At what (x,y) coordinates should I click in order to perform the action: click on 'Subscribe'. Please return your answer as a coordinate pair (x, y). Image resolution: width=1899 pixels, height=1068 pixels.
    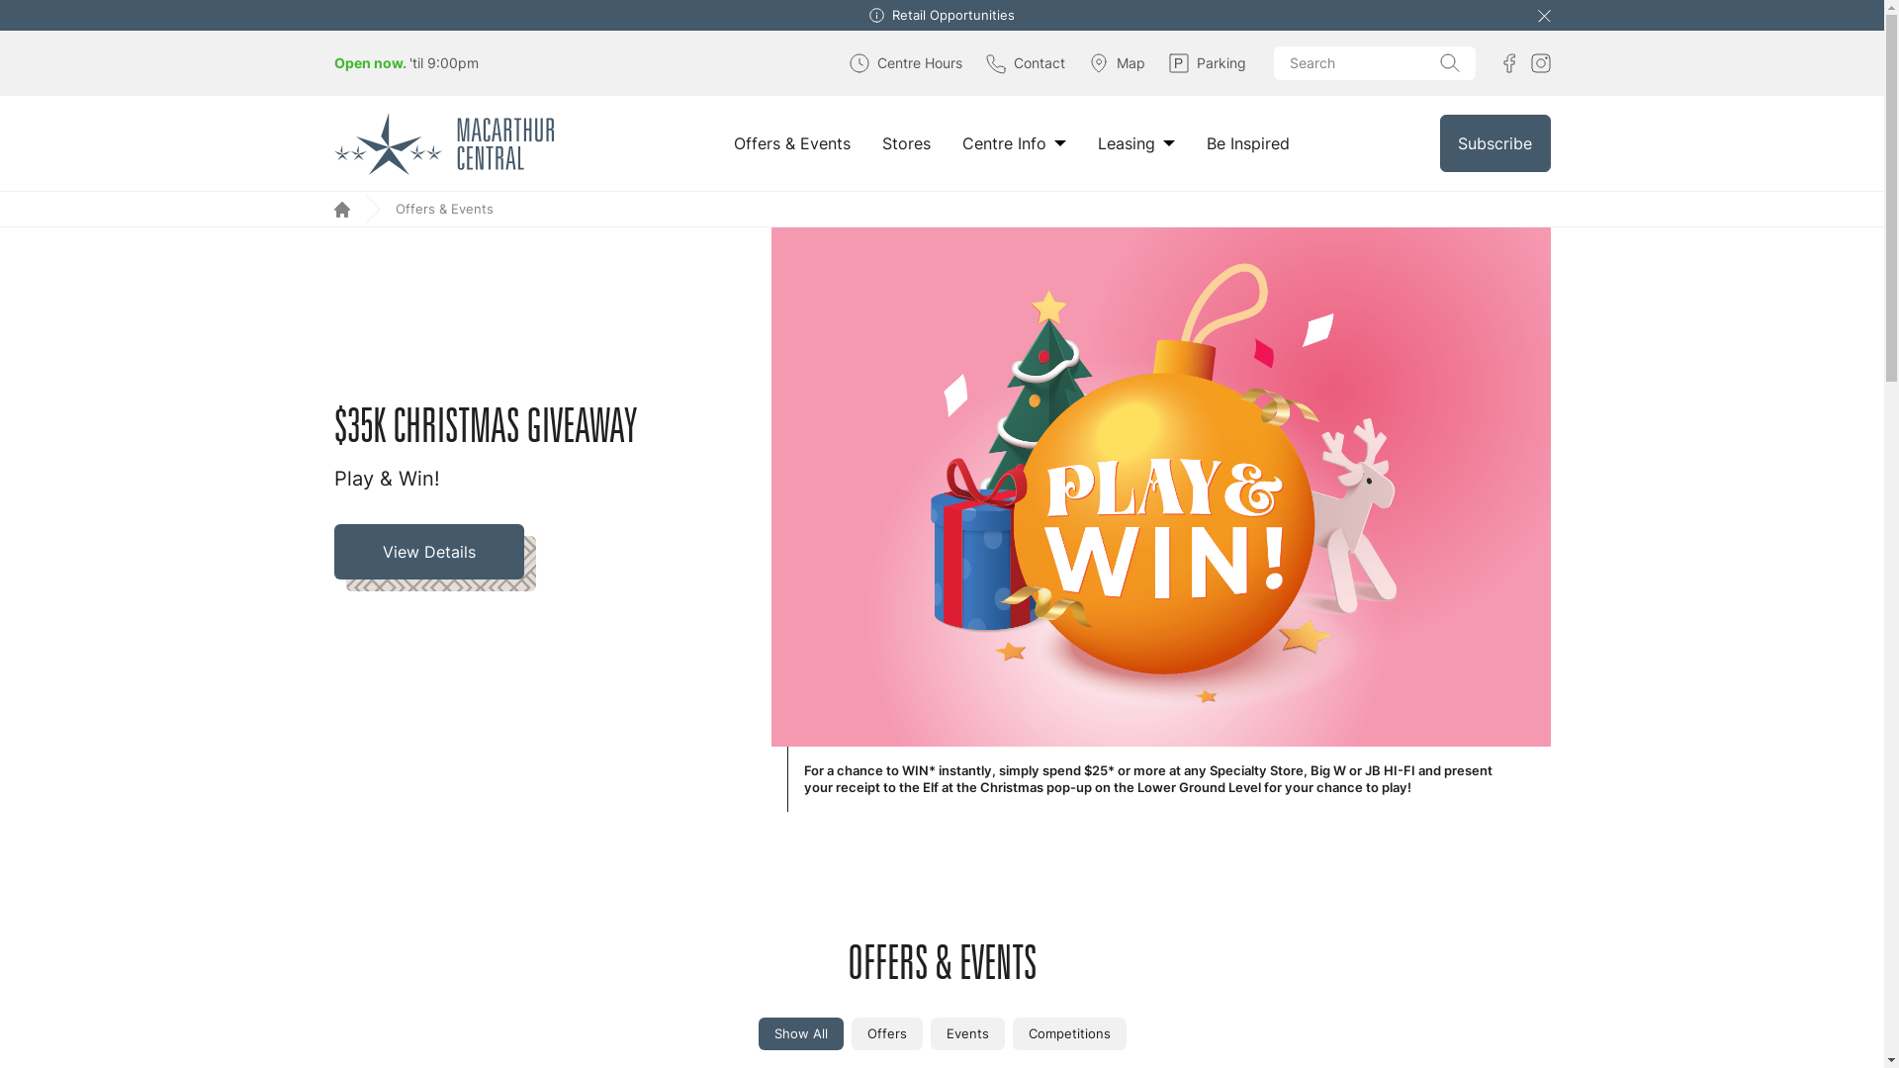
    Looking at the image, I should click on (1495, 142).